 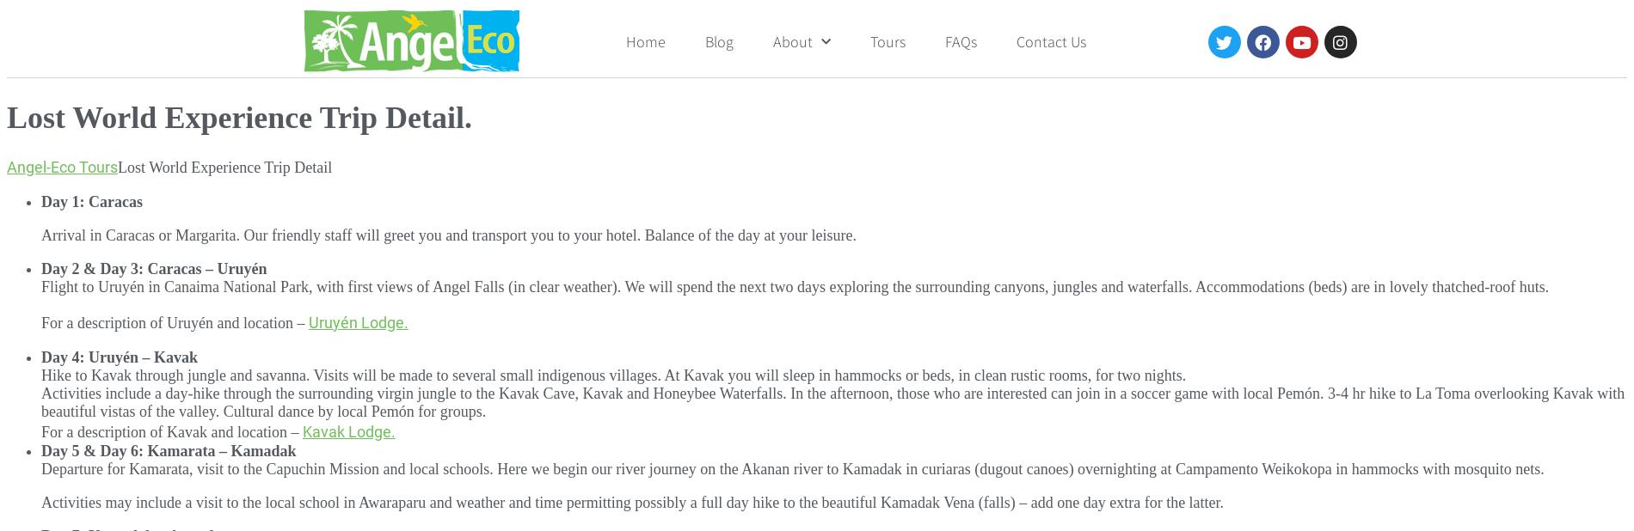 What do you see at coordinates (832, 401) in the screenshot?
I see `'Activities include a day-hike through the surrounding virgin jungle to the Kavak Cave, Kavak and Honeybee Waterfalls. In the afternoon, those who are interested can join in a soccer game with local Pemón. 3-4 hr hike to La Toma overlooking Kavak with beautiful vistas of the valley. Cultural dance by local Pemón for groups.'` at bounding box center [832, 401].